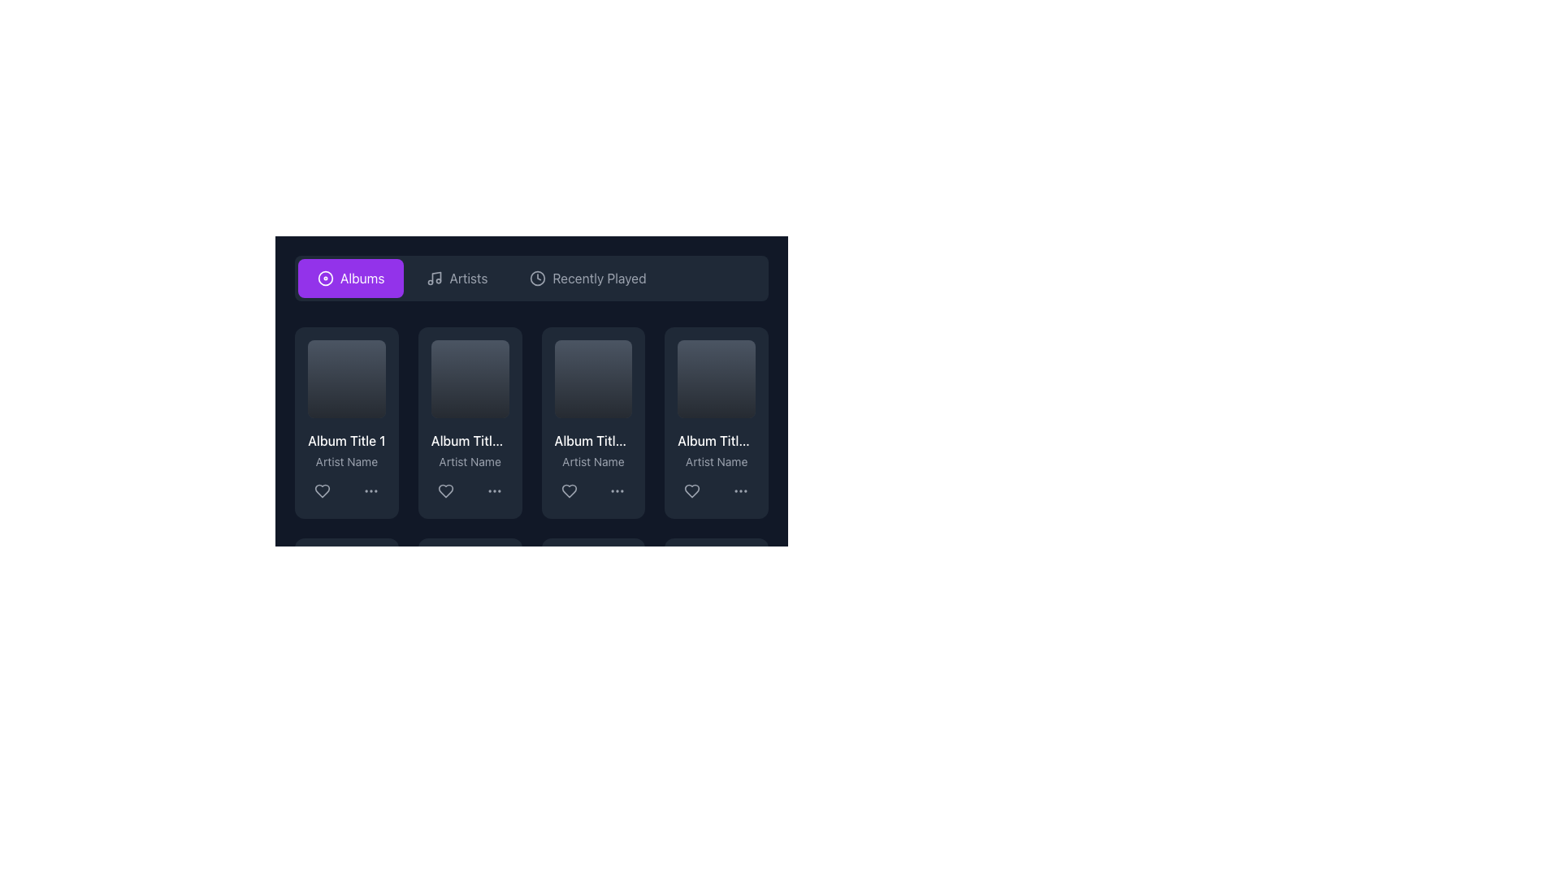 Image resolution: width=1560 pixels, height=877 pixels. I want to click on the static text element displaying the artist's name for 'Album Title 2', located below the album title and above the interactive buttons, so click(469, 461).